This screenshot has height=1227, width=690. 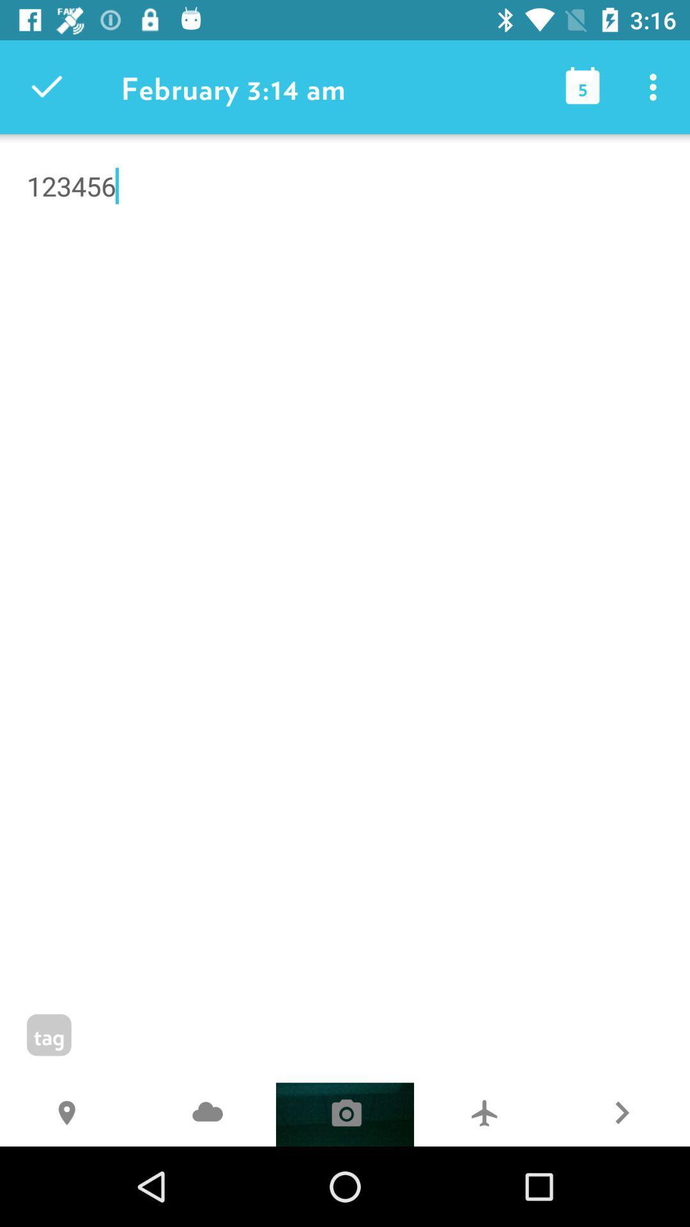 I want to click on r, so click(x=620, y=1114).